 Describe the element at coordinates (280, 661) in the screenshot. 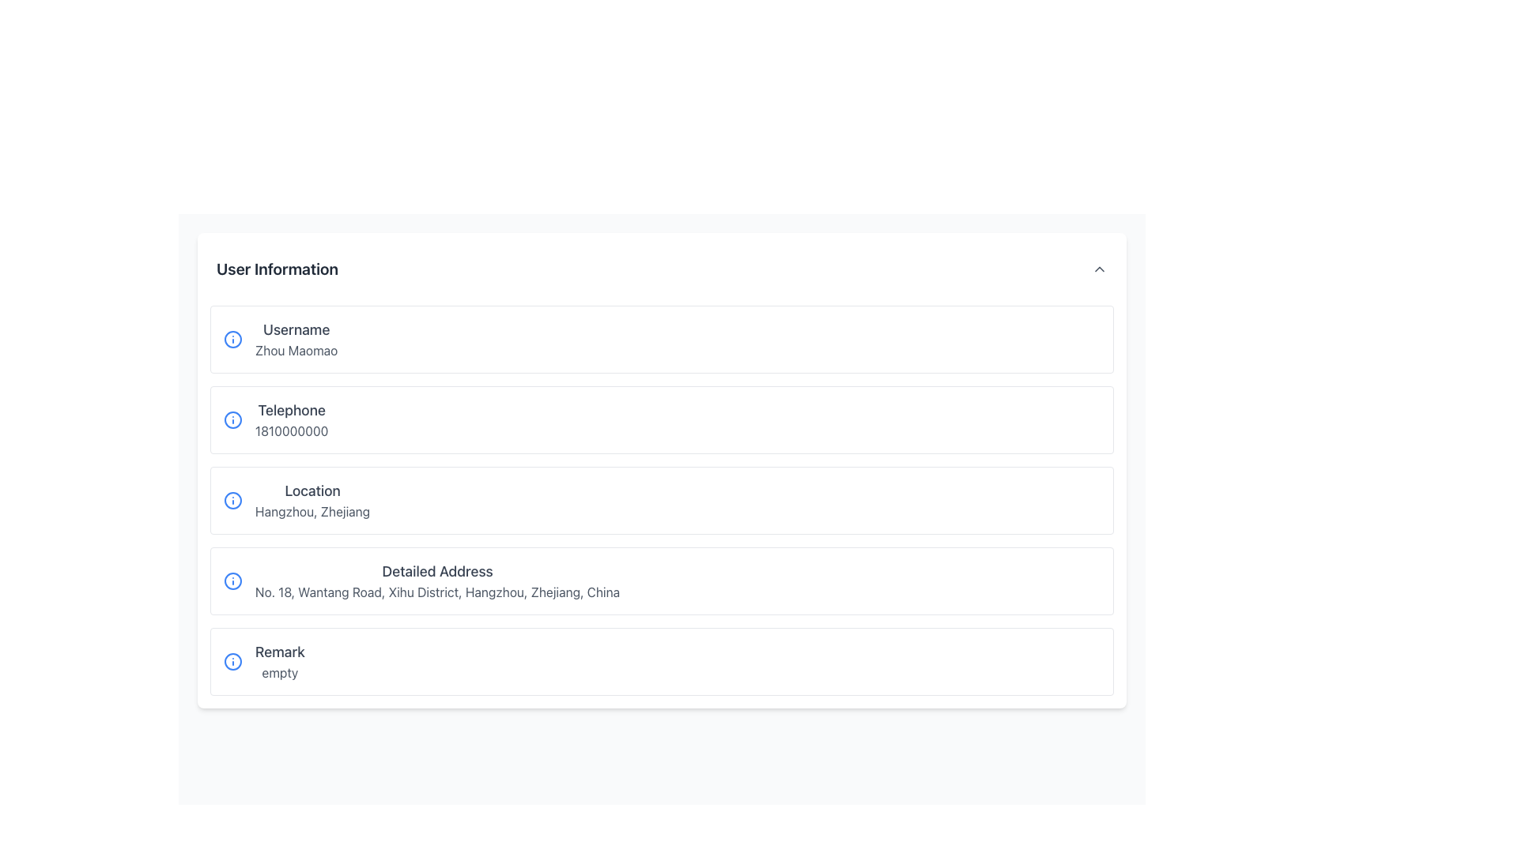

I see `the 'Remark' label showing the status 'empty' at the bottom of the list within its card component, which is the last among similar cards displayed in a column` at that location.